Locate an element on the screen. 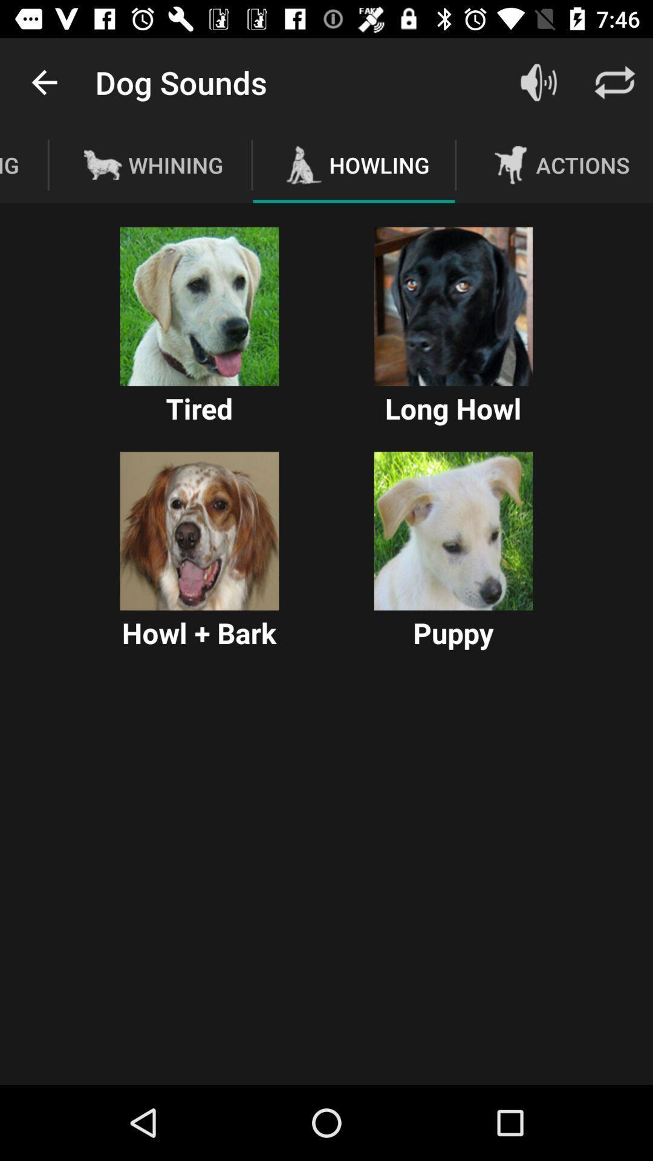 The width and height of the screenshot is (653, 1161). adjust sound is located at coordinates (538, 82).